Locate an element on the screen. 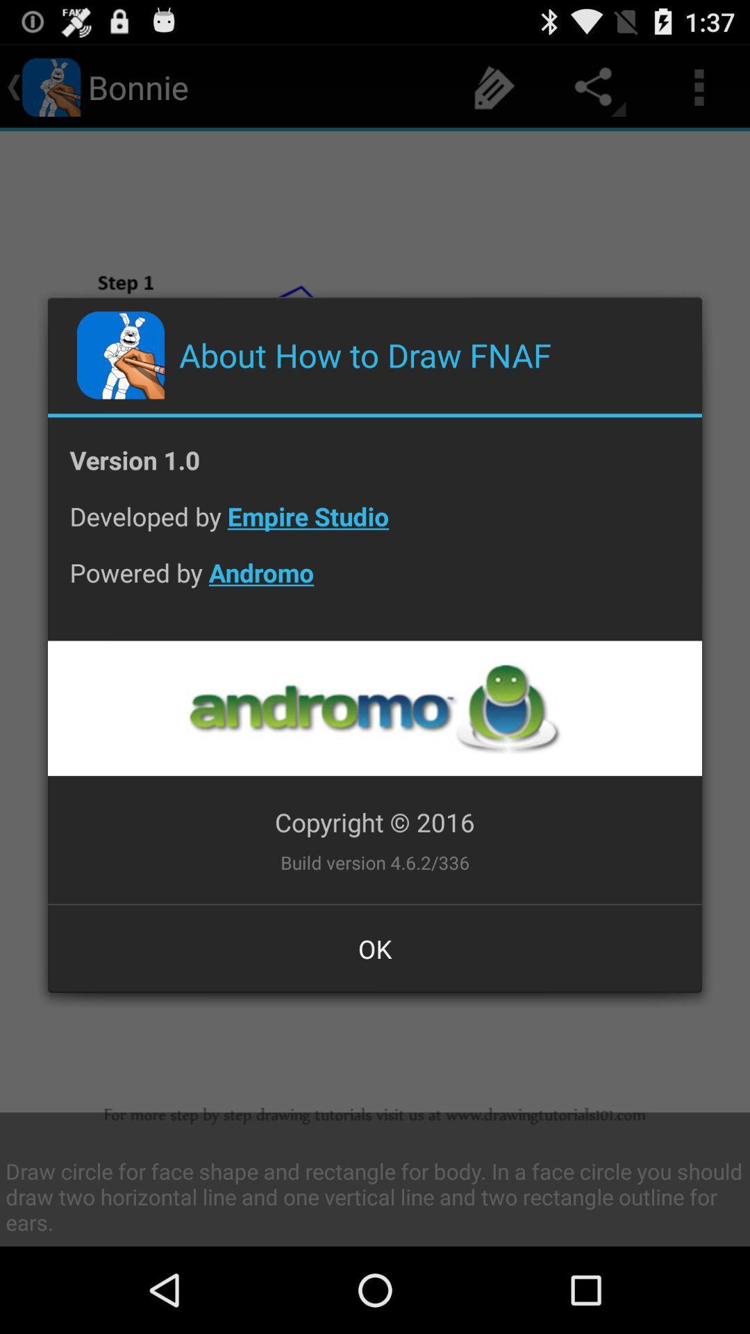 The height and width of the screenshot is (1334, 750). the app below the build version 4 icon is located at coordinates (375, 948).